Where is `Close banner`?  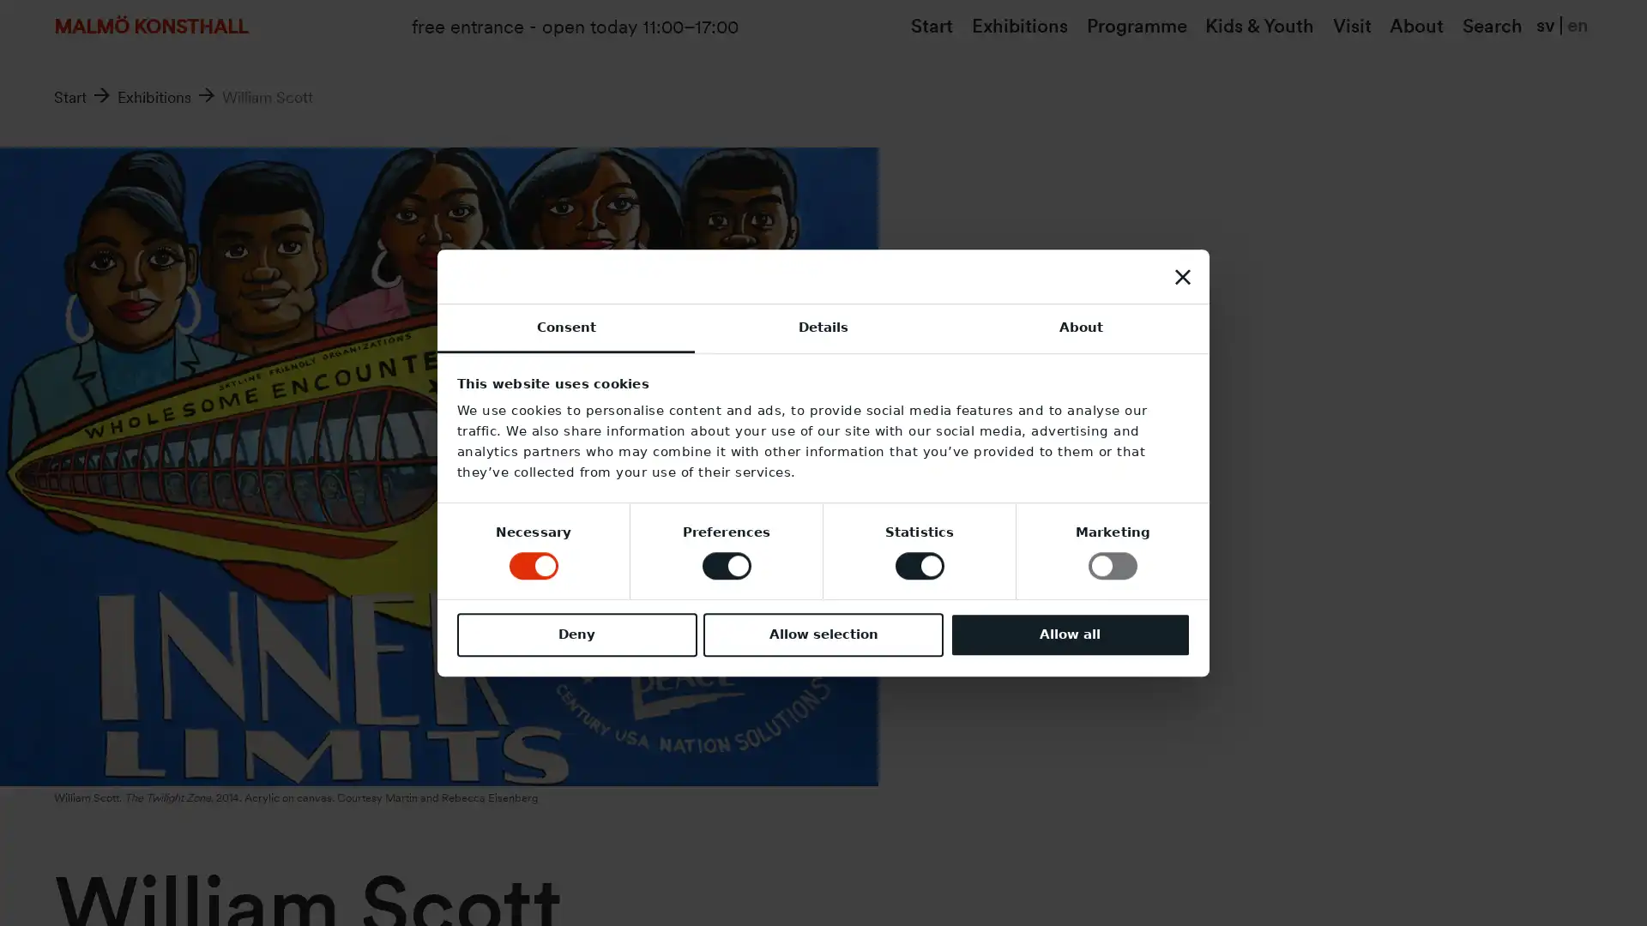
Close banner is located at coordinates (1180, 274).